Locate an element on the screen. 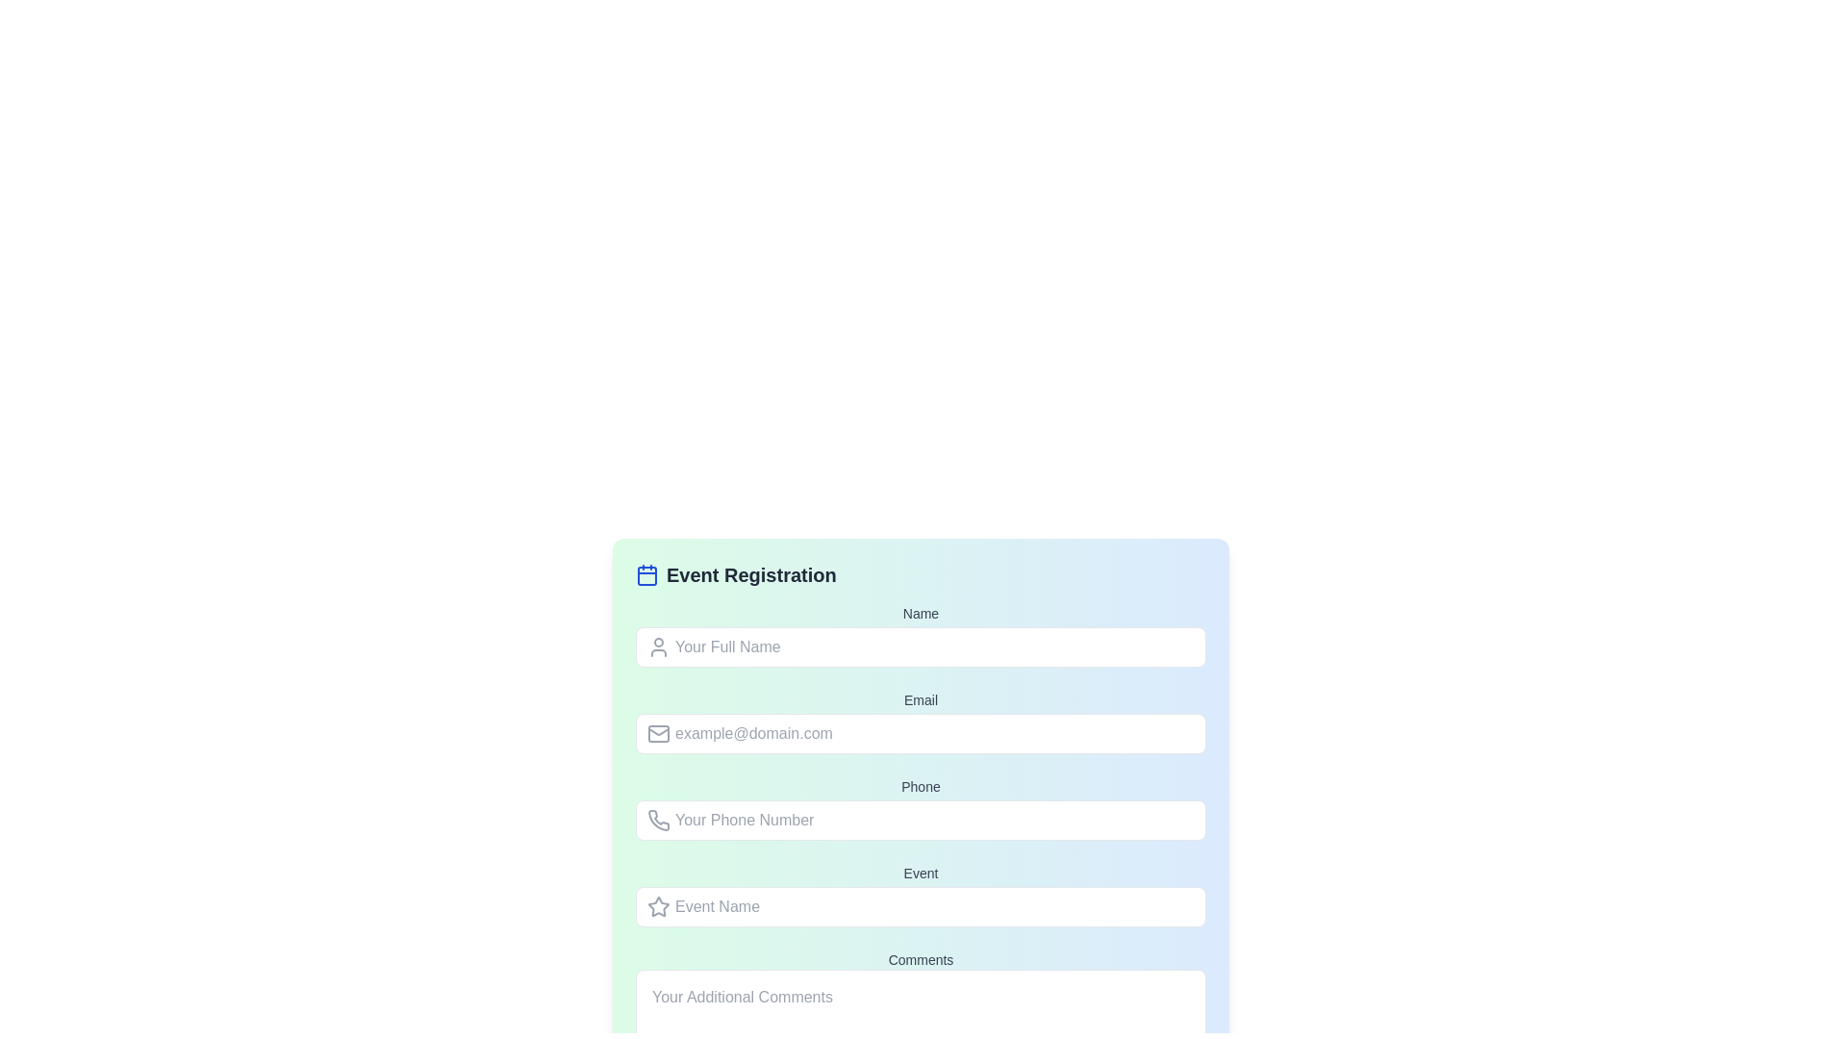  the rounded rectangle with a blue outline located within the calendar icon in the 'Event Registration' section is located at coordinates (646, 574).